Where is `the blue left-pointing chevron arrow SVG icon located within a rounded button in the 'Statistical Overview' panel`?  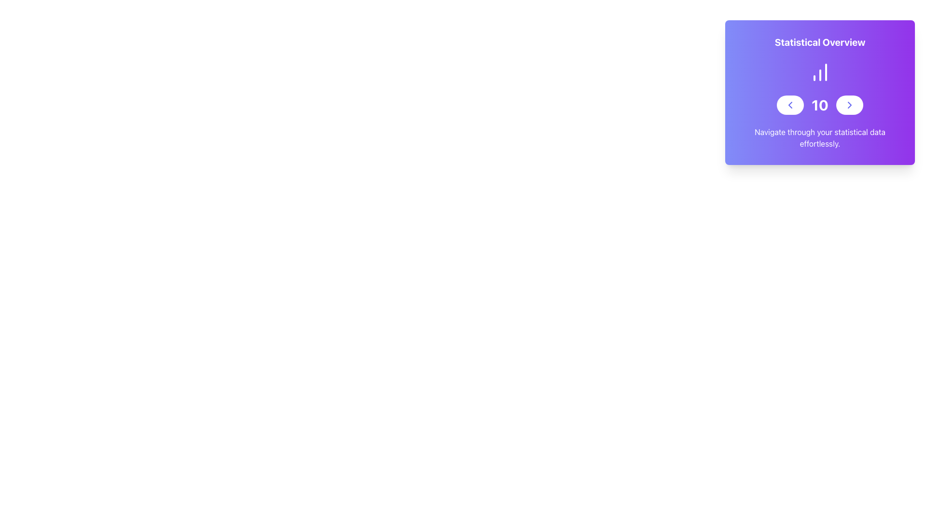 the blue left-pointing chevron arrow SVG icon located within a rounded button in the 'Statistical Overview' panel is located at coordinates (790, 105).